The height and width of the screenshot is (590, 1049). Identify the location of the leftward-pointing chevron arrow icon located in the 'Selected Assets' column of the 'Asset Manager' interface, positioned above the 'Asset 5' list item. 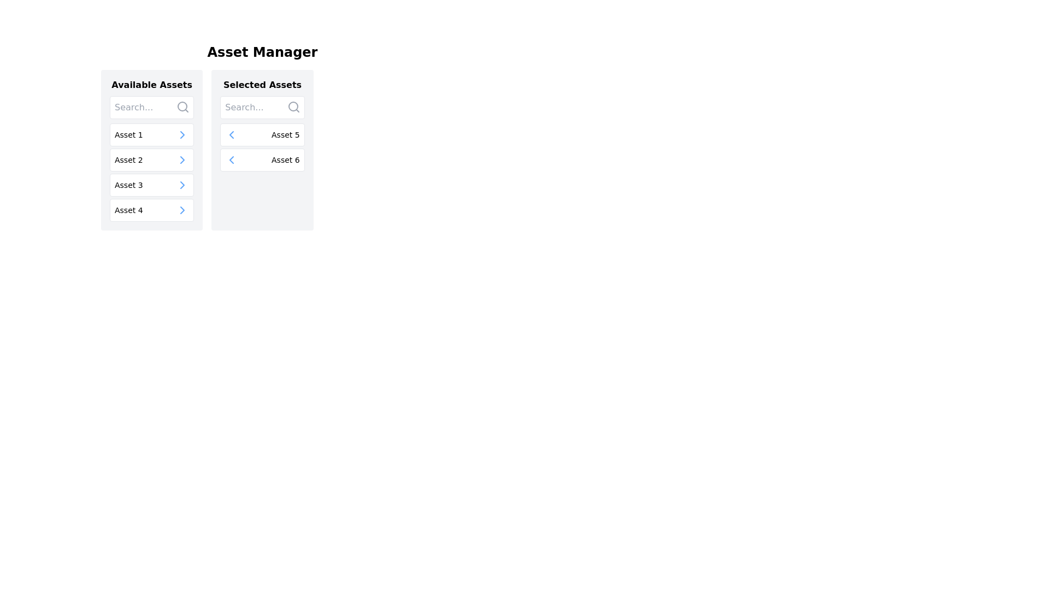
(231, 160).